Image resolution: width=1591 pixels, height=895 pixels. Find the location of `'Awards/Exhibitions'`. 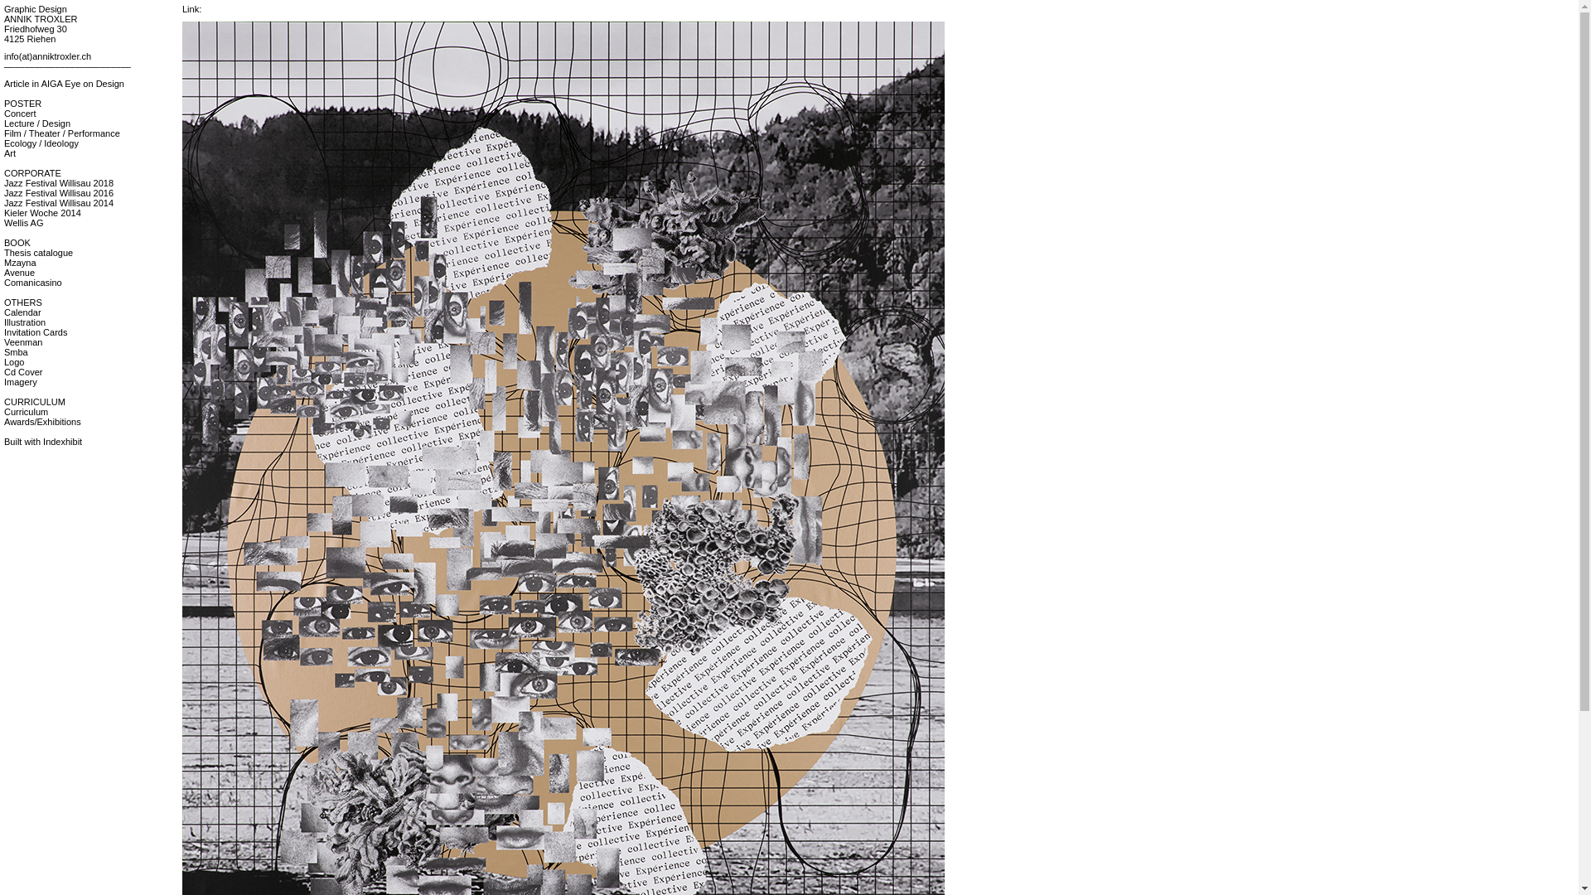

'Awards/Exhibitions' is located at coordinates (42, 421).